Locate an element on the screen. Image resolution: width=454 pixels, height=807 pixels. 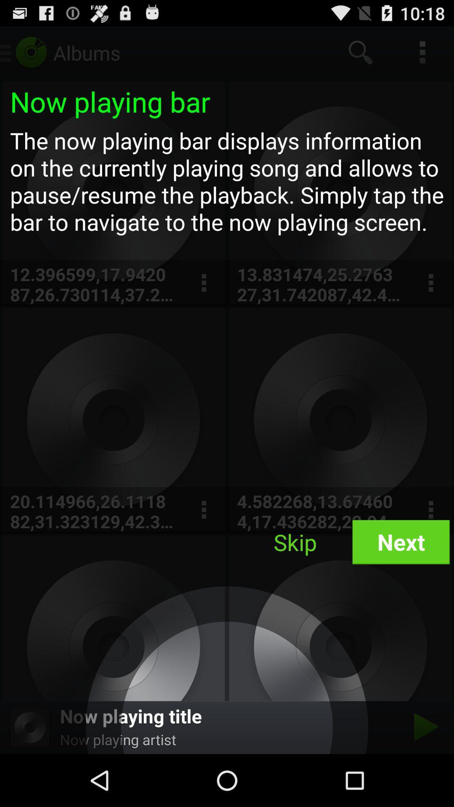
open options for track is located at coordinates (203, 283).